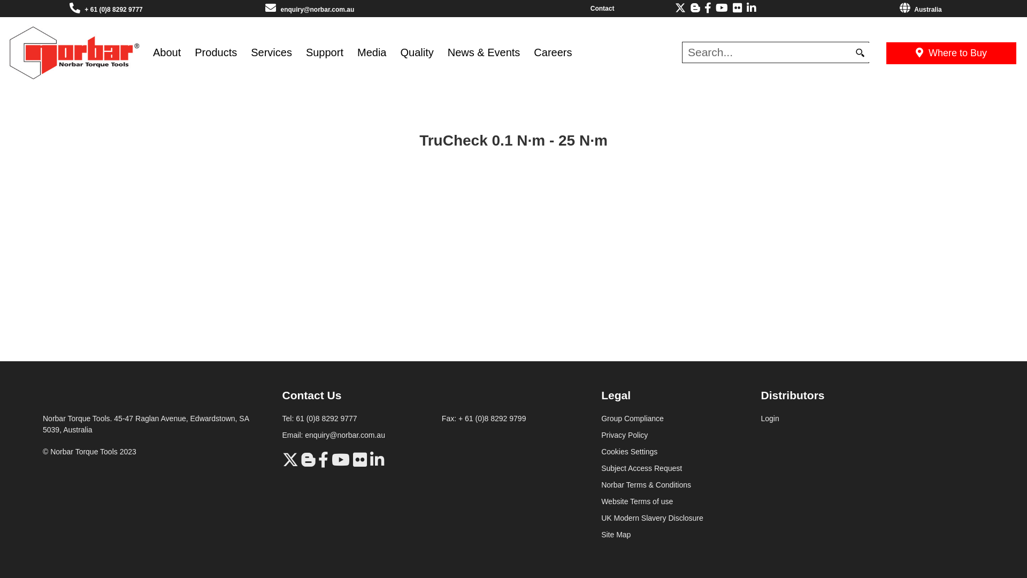 This screenshot has height=578, width=1027. I want to click on '+ 61 (0)8 8292 9777', so click(113, 10).